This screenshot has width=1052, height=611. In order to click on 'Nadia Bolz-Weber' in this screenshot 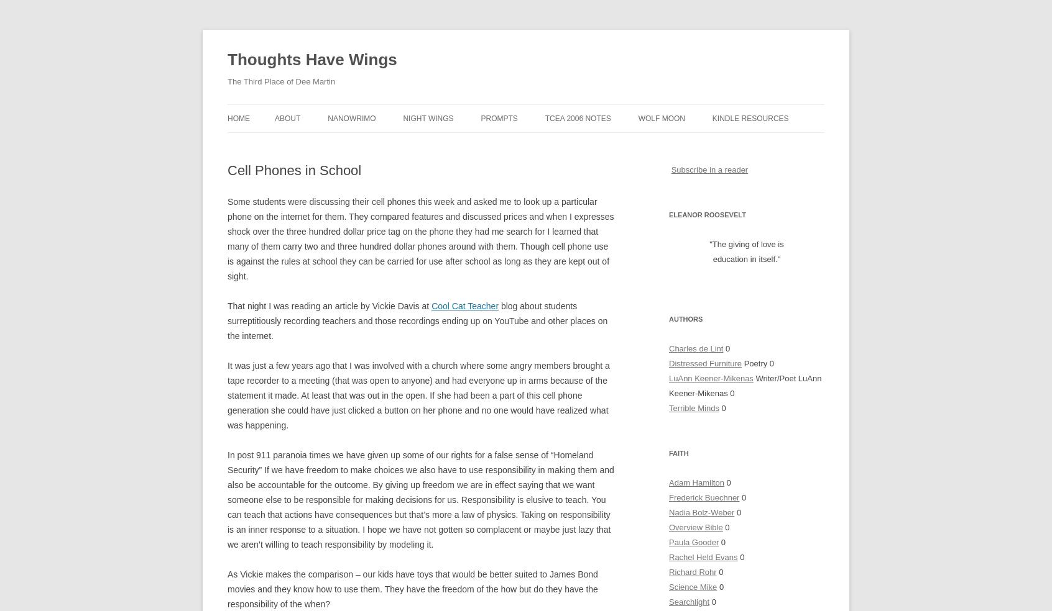, I will do `click(701, 512)`.